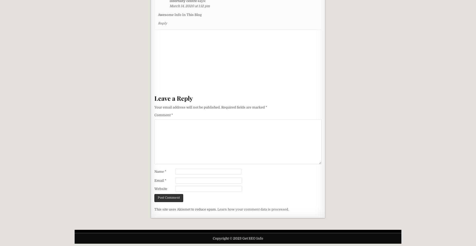  Describe the element at coordinates (252, 209) in the screenshot. I see `'Learn how your comment data is processed'` at that location.